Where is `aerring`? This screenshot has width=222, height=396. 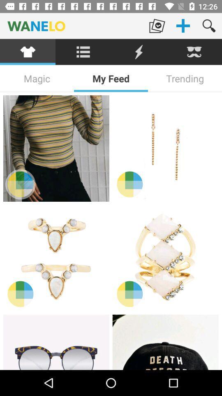 aerring is located at coordinates (165, 148).